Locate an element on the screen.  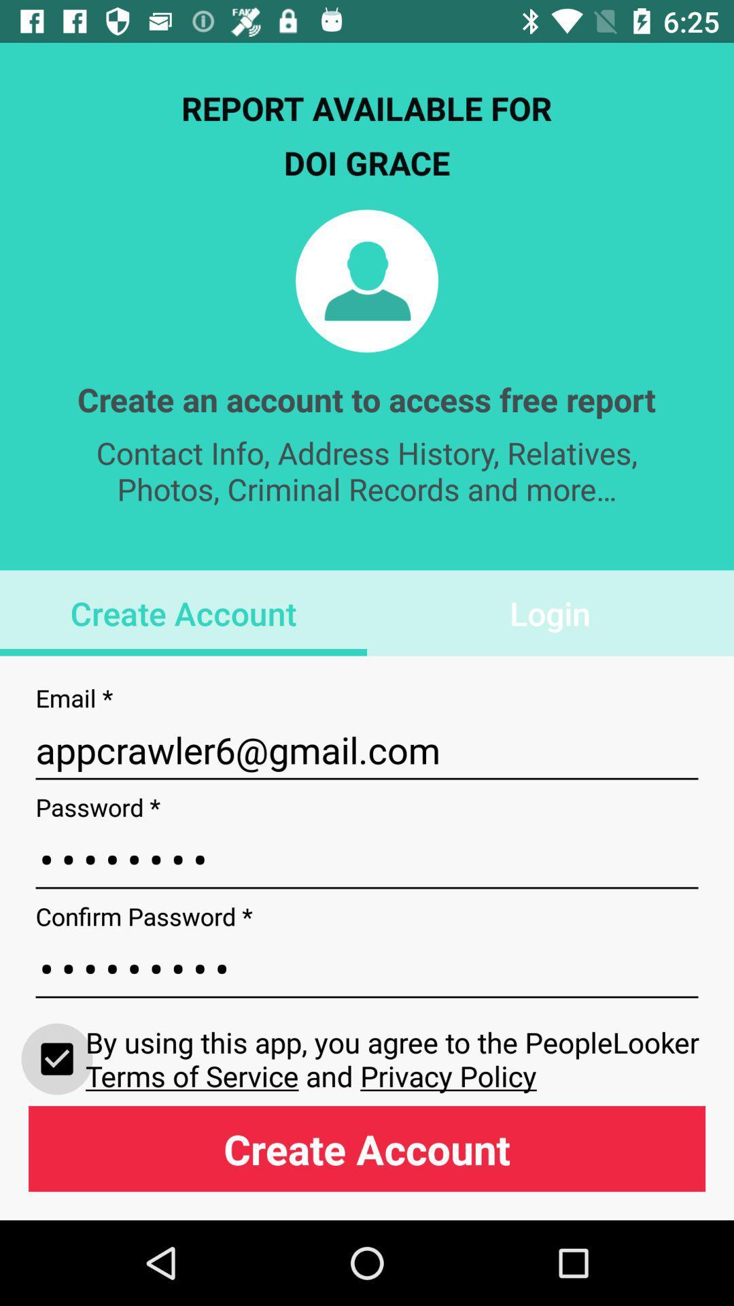
icon to the left of the by using this is located at coordinates (56, 1058).